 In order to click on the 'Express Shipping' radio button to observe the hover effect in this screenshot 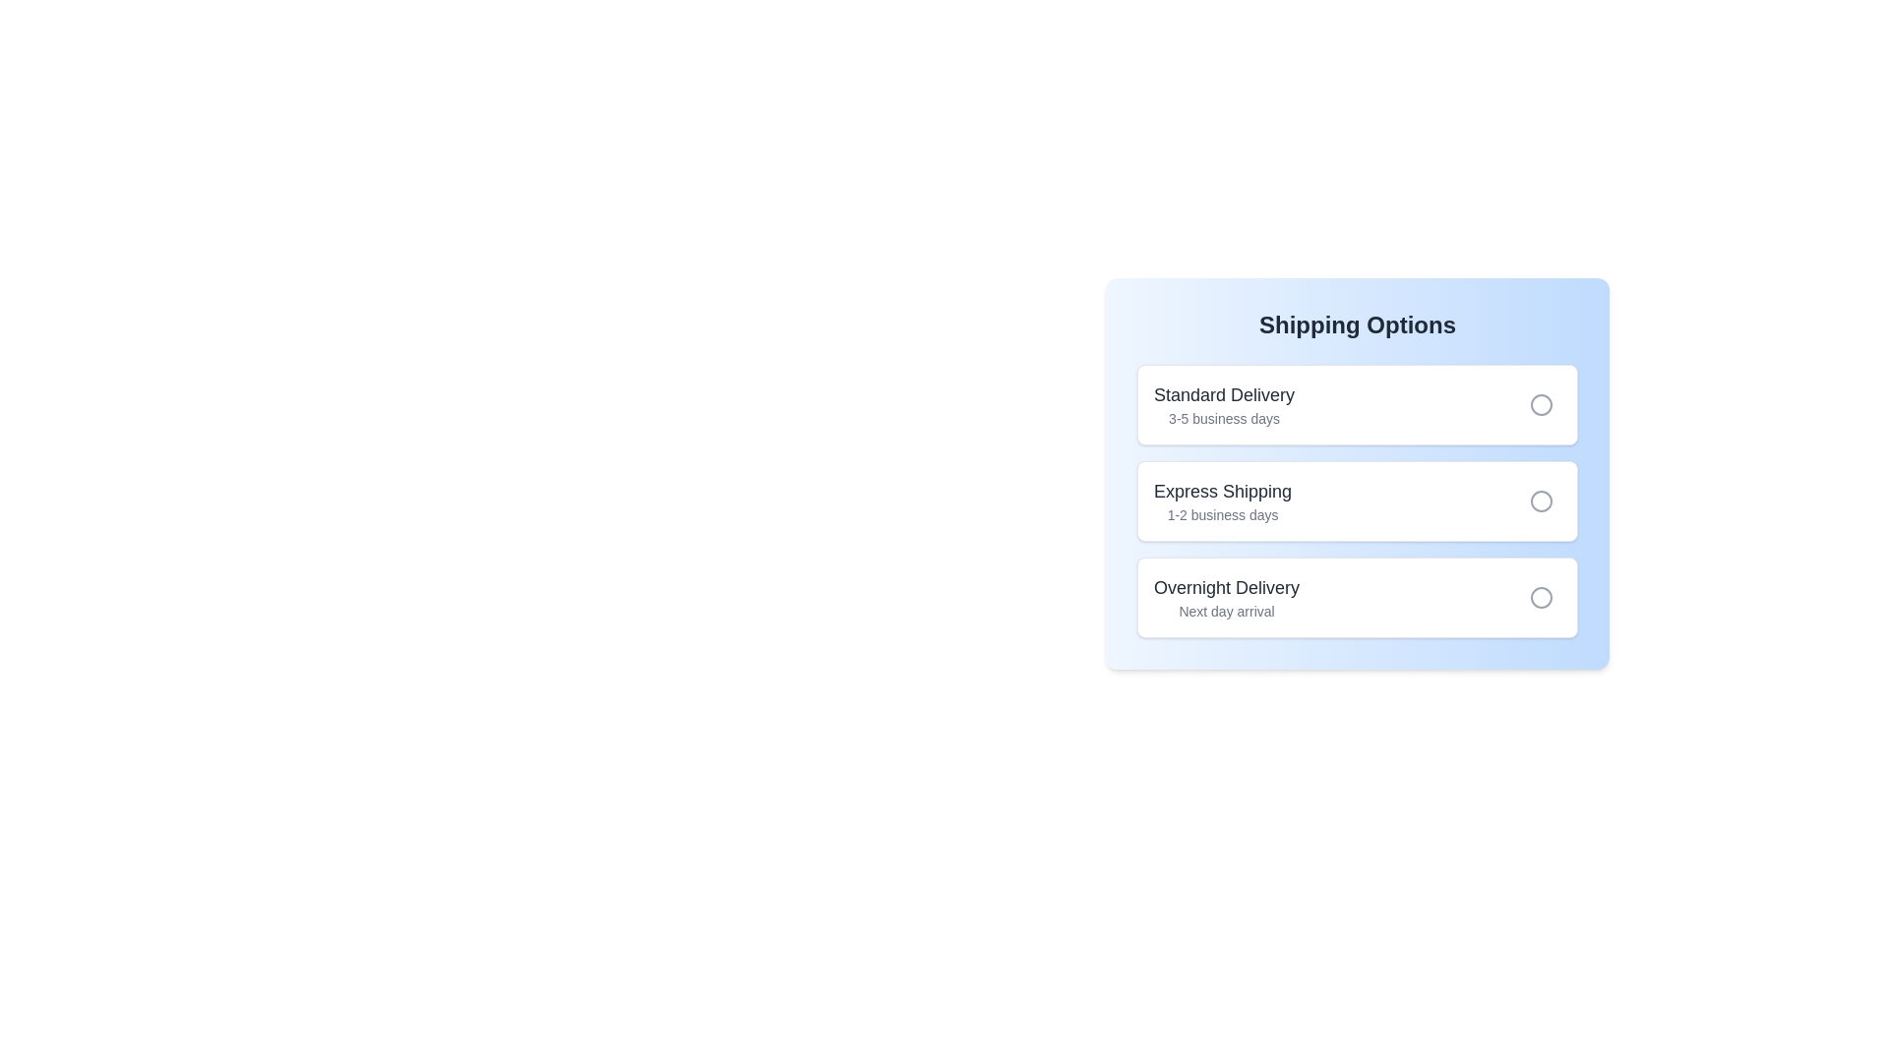, I will do `click(1540, 500)`.